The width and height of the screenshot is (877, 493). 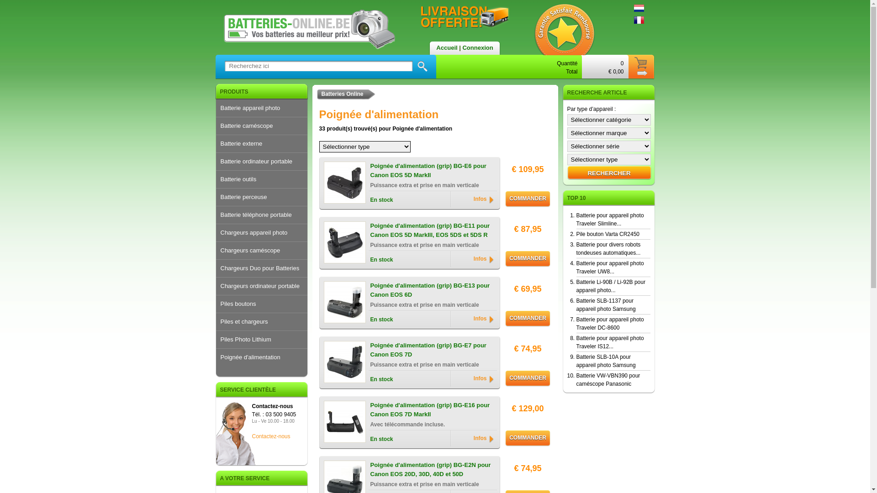 I want to click on 'Batterie pour appareil photo Traveler DC-8600', so click(x=610, y=323).